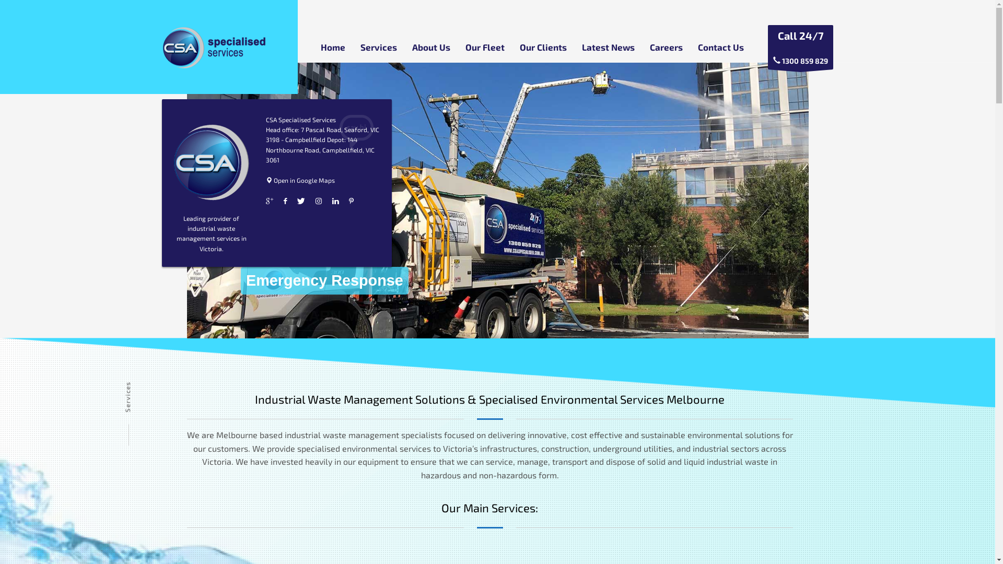  What do you see at coordinates (332, 46) in the screenshot?
I see `'Home'` at bounding box center [332, 46].